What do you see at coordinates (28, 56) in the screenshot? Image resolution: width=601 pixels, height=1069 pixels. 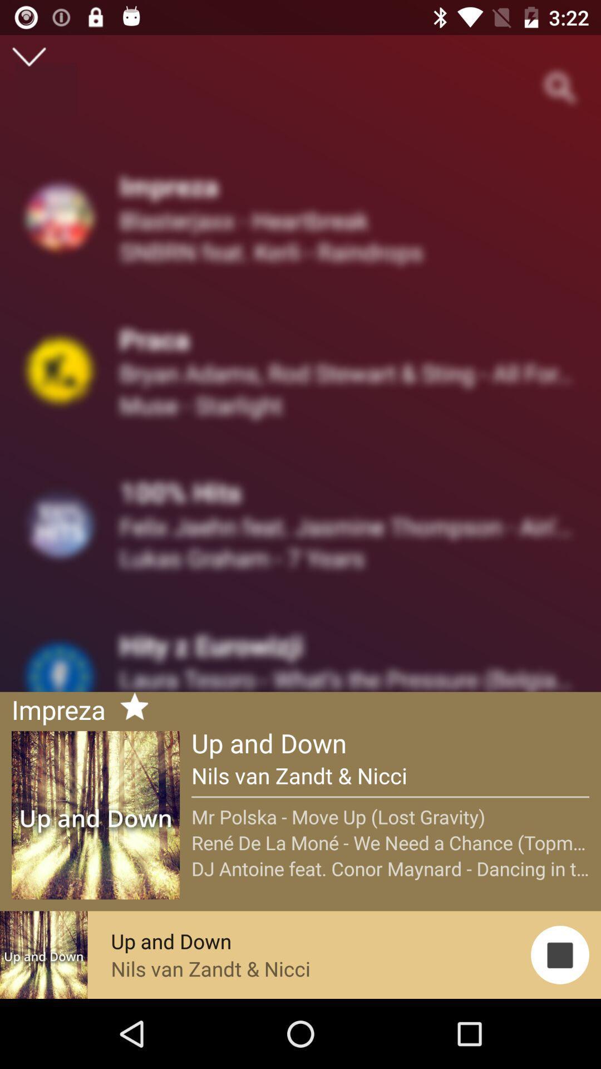 I see `lower page` at bounding box center [28, 56].